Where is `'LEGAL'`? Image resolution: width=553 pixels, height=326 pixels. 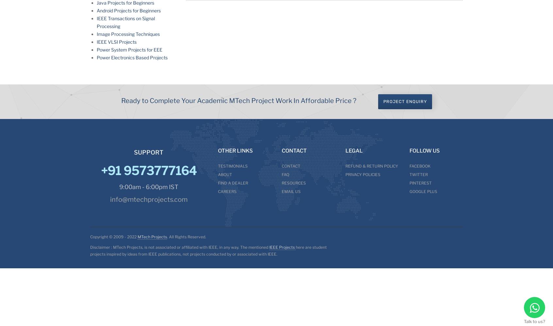 'LEGAL' is located at coordinates (354, 150).